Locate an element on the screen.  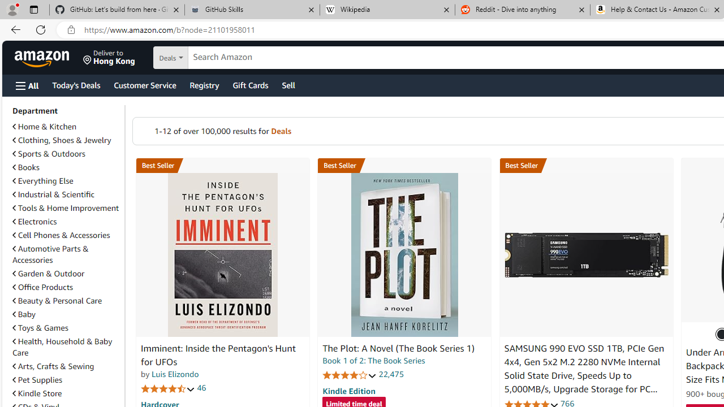
'Tools & Home Improvement' is located at coordinates (65, 208).